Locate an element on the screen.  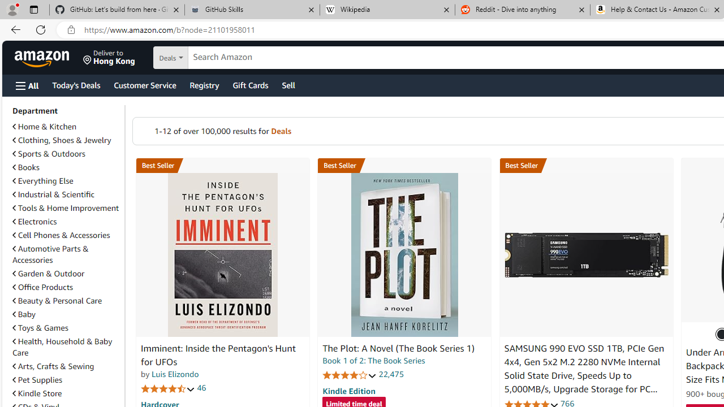
'Tools & Home Improvement' is located at coordinates (65, 208).